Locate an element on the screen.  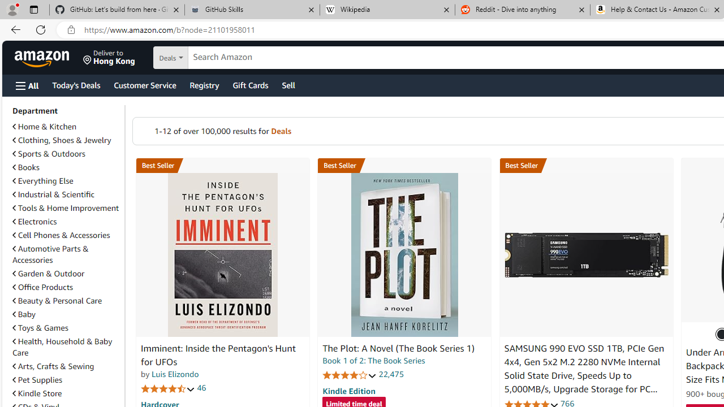
'Tools & Home Improvement' is located at coordinates (65, 208).